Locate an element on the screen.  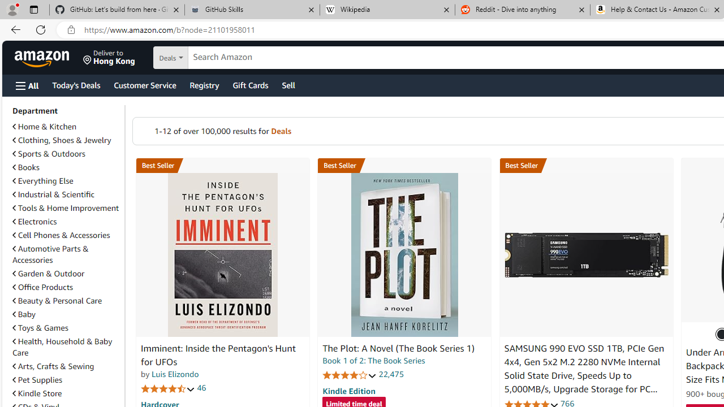
'Tools & Home Improvement' is located at coordinates (65, 208).